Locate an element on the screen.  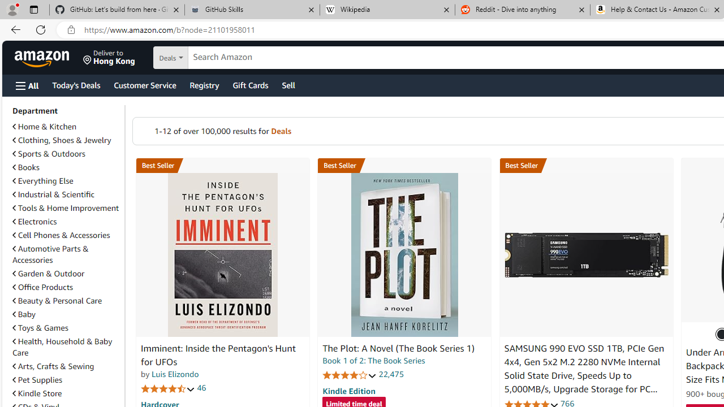
'Tools & Home Improvement' is located at coordinates (65, 208).